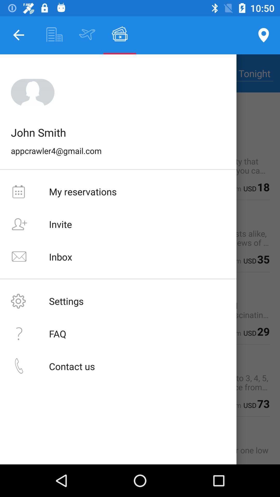 The image size is (280, 497). Describe the element at coordinates (264, 35) in the screenshot. I see `the location icon at the top right corner of the page` at that location.